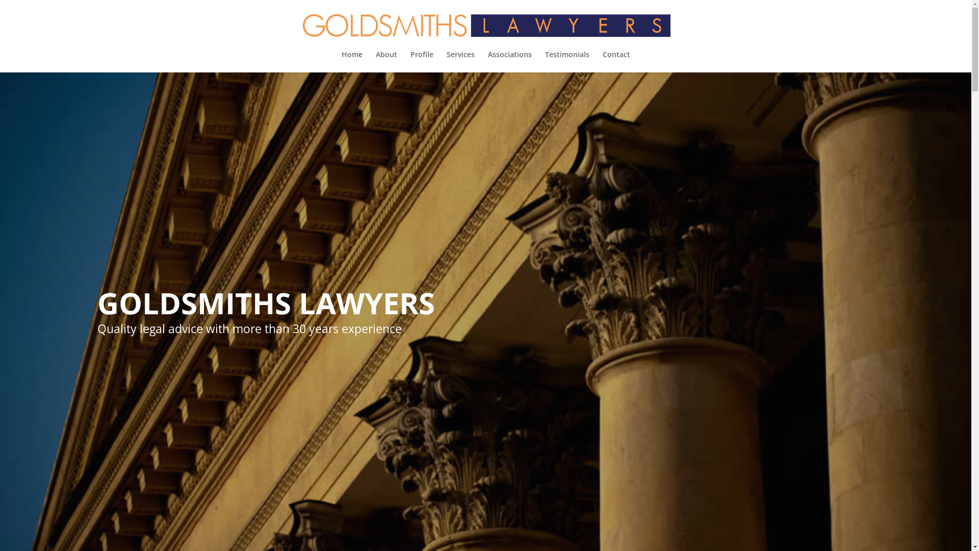  What do you see at coordinates (374, 61) in the screenshot?
I see `'About'` at bounding box center [374, 61].